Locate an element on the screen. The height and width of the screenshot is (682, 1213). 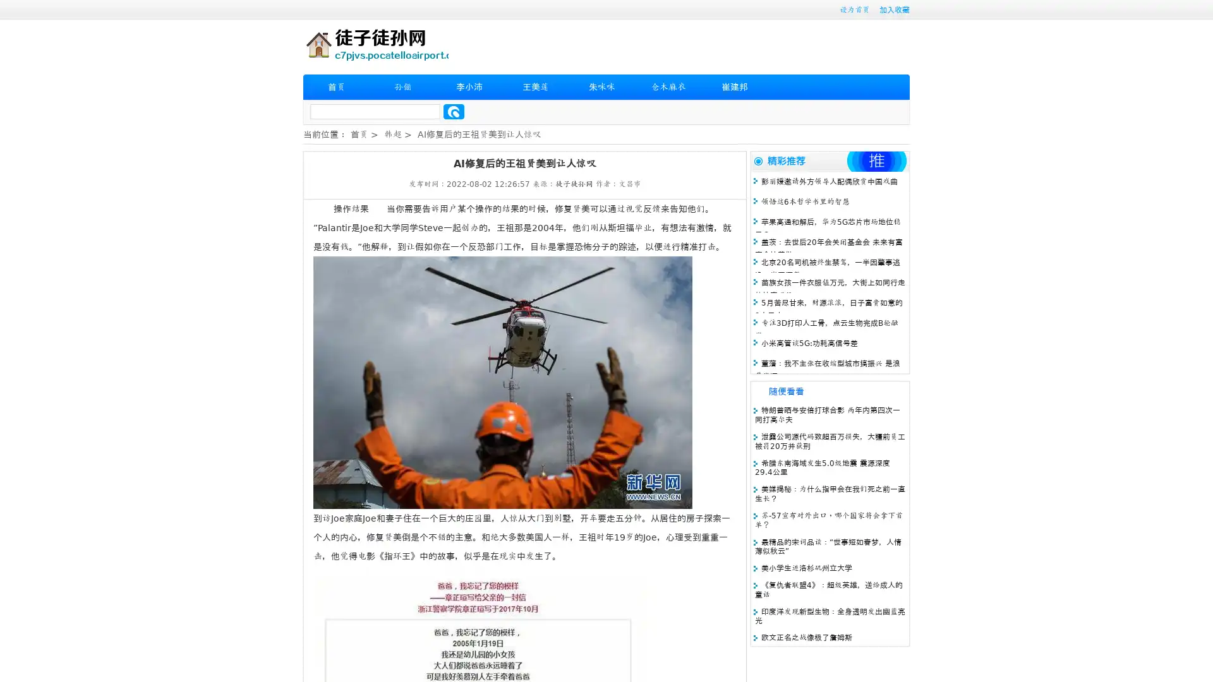
Search is located at coordinates (454, 111).